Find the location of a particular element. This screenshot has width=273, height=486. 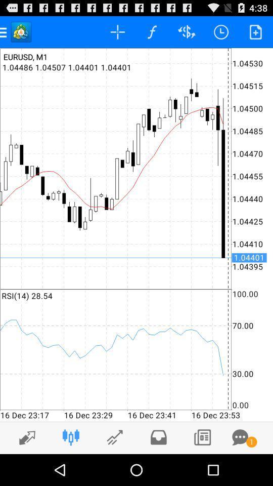

the chat icon is located at coordinates (240, 468).